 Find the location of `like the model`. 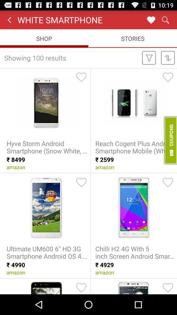

like the model is located at coordinates (168, 287).